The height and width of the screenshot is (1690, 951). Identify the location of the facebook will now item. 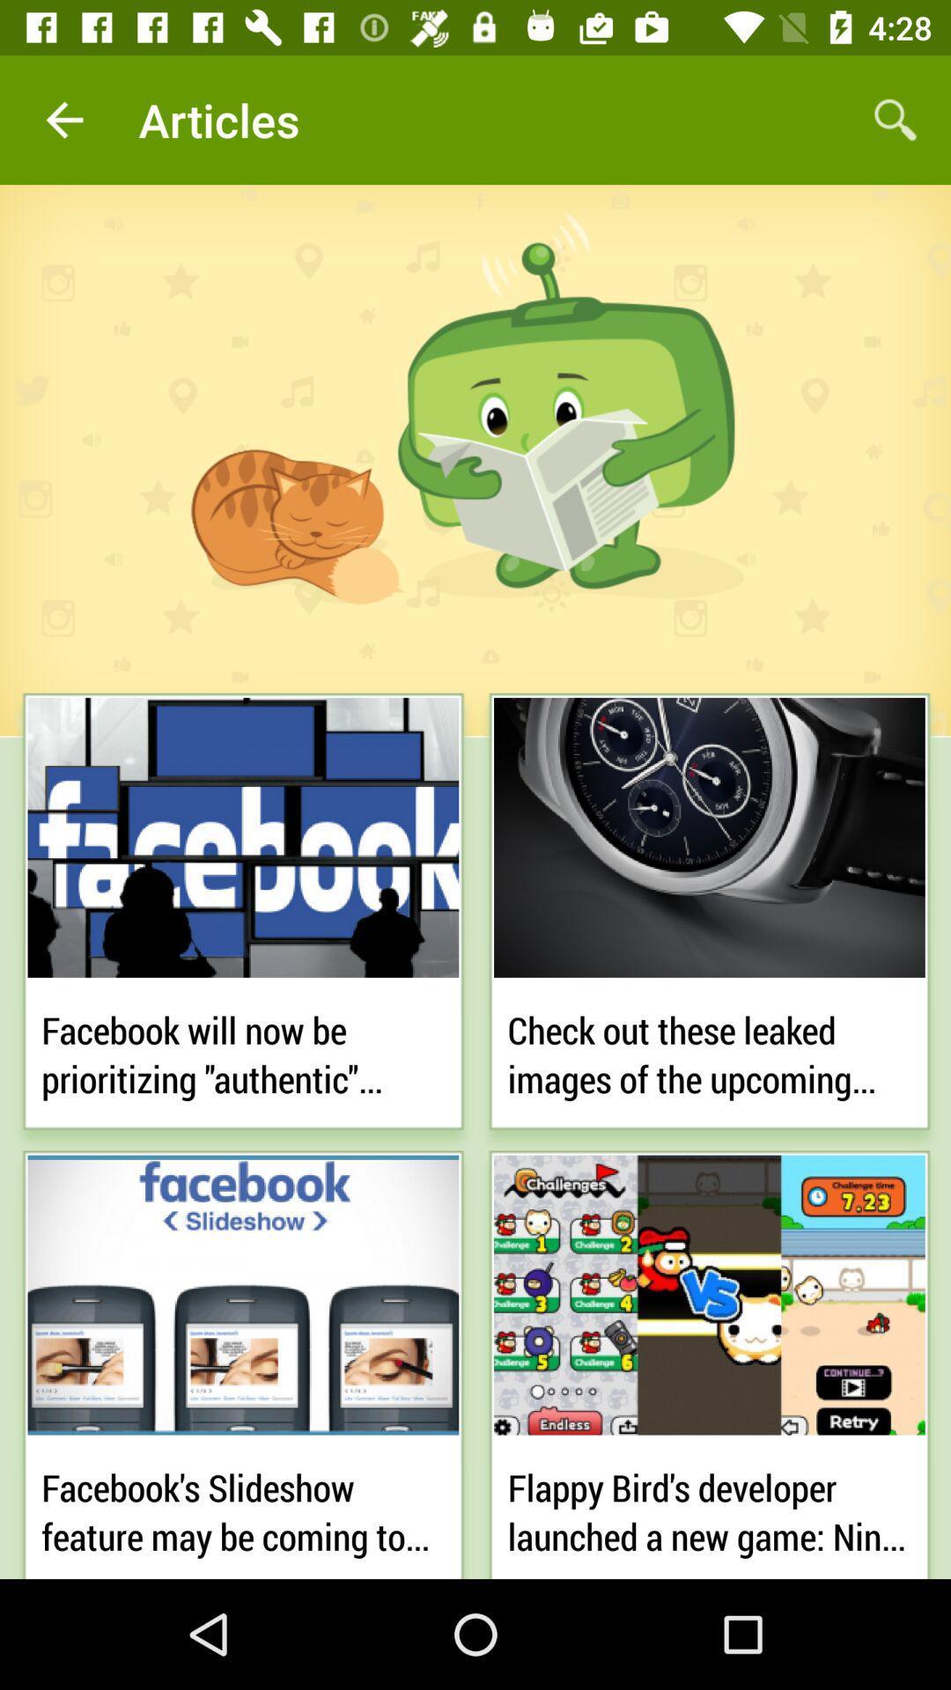
(243, 1051).